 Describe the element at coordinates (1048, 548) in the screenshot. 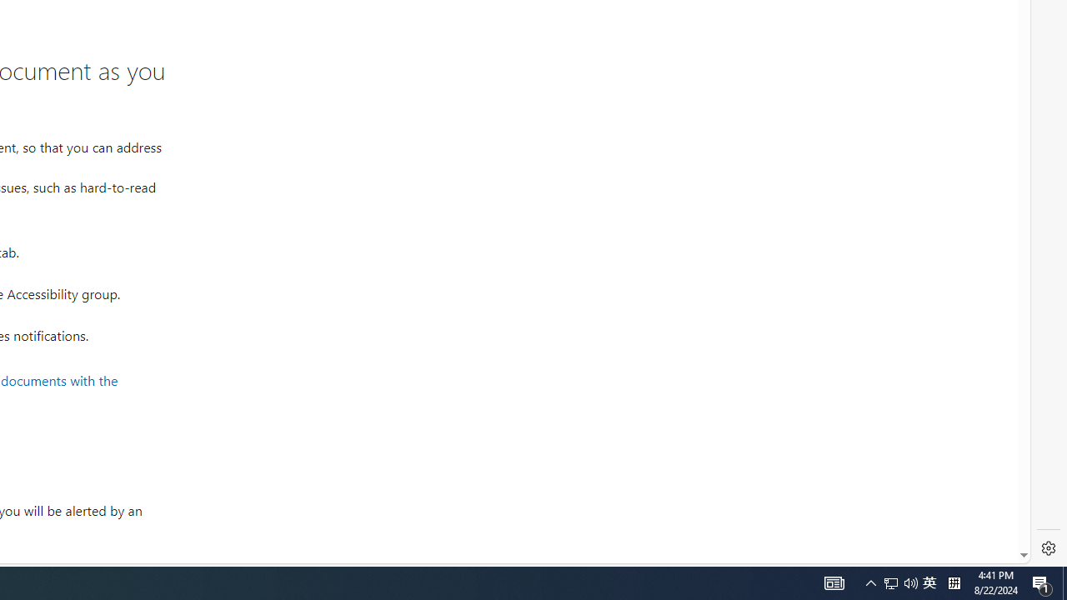

I see `'Settings'` at that location.